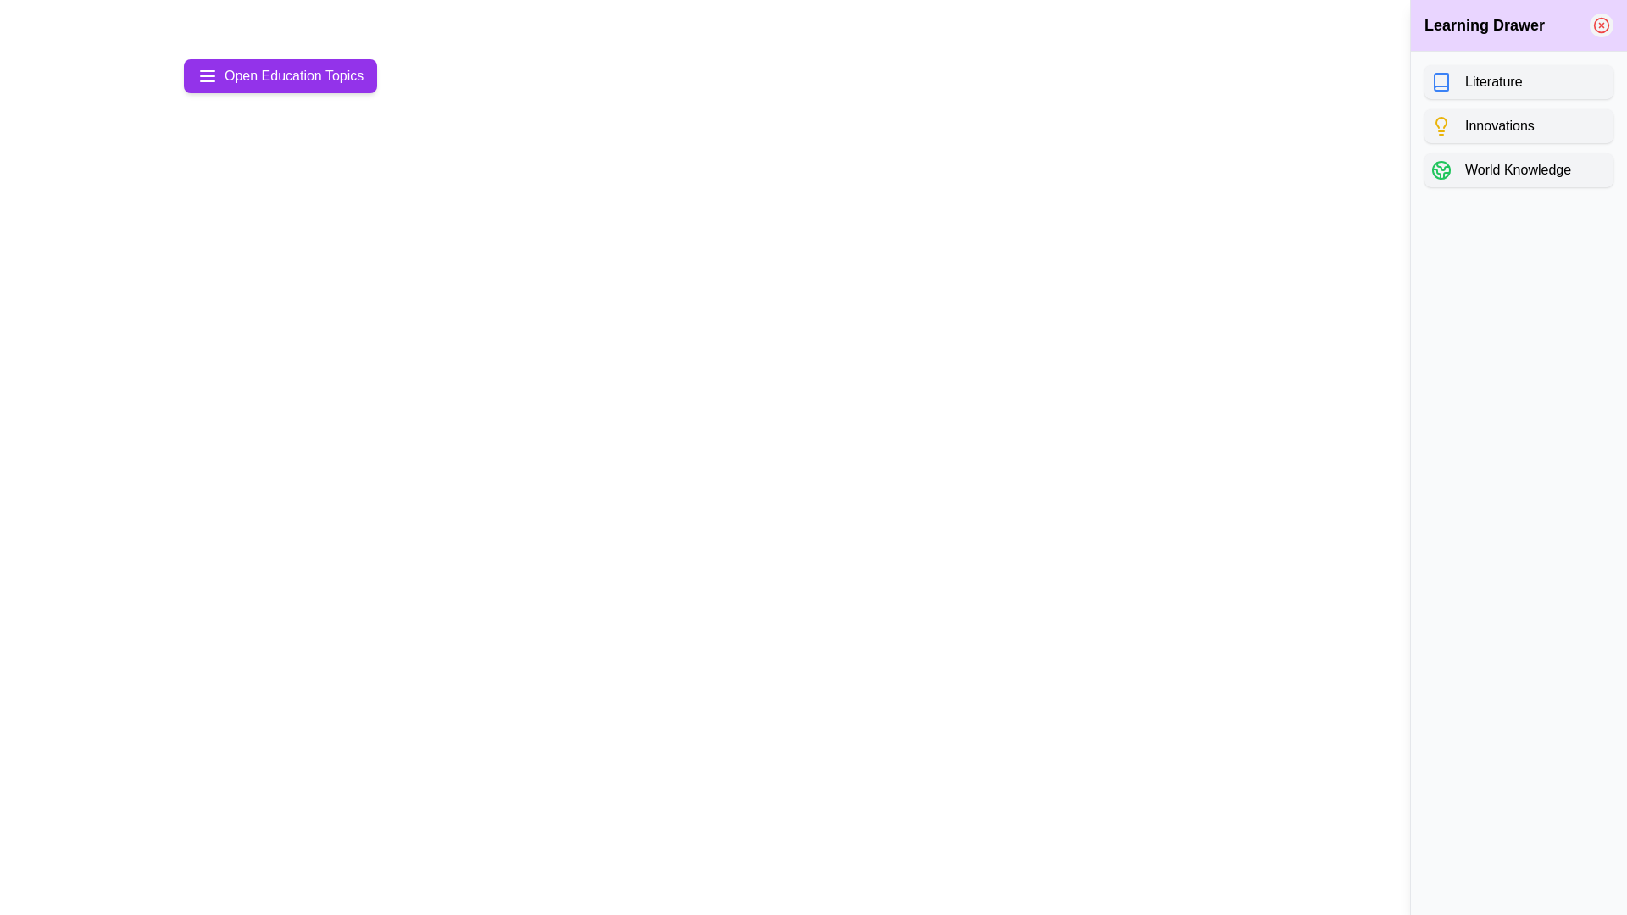 The image size is (1627, 915). Describe the element at coordinates (1519, 81) in the screenshot. I see `the topic button labeled Literature` at that location.